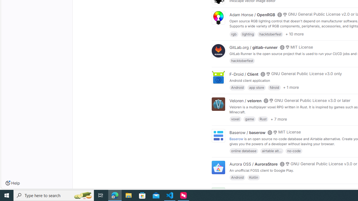 Image resolution: width=358 pixels, height=201 pixels. Describe the element at coordinates (244, 150) in the screenshot. I see `'online database'` at that location.